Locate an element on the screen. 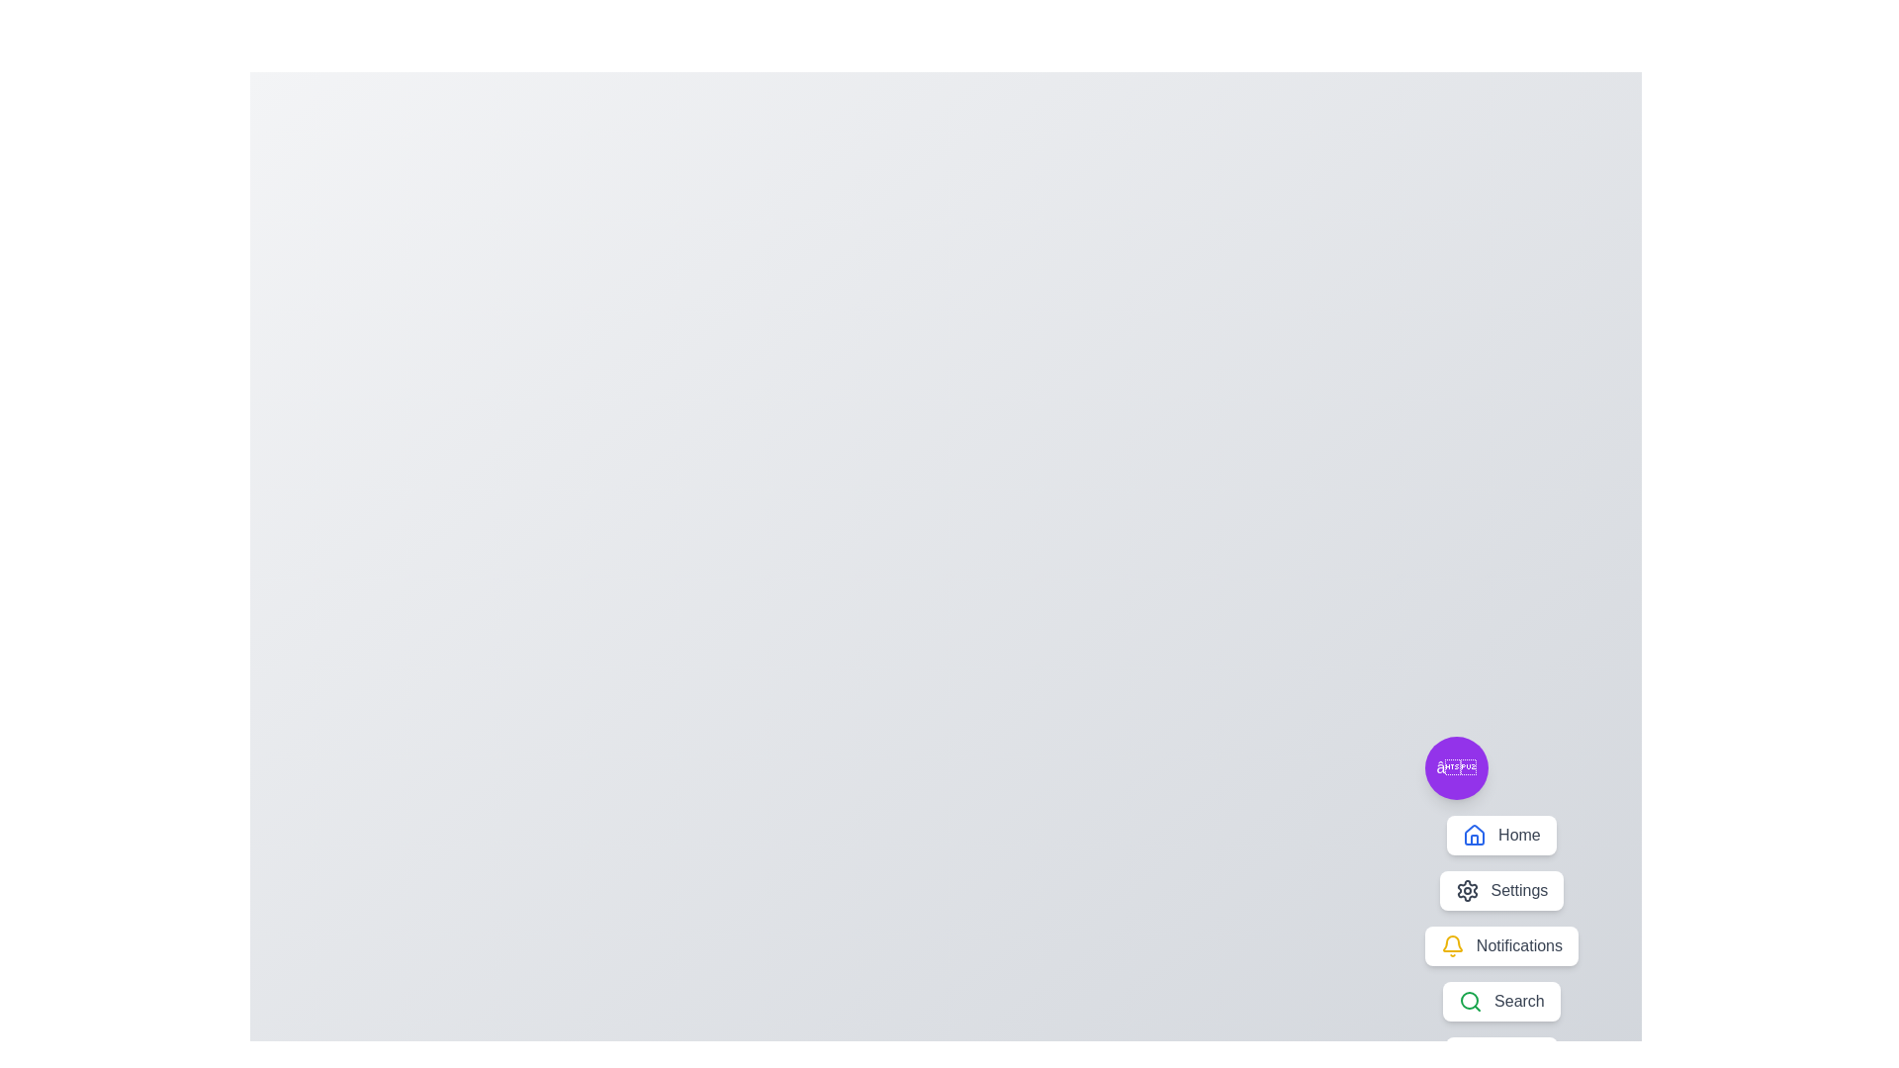 The width and height of the screenshot is (1899, 1068). the menu item labeled Settings is located at coordinates (1500, 891).